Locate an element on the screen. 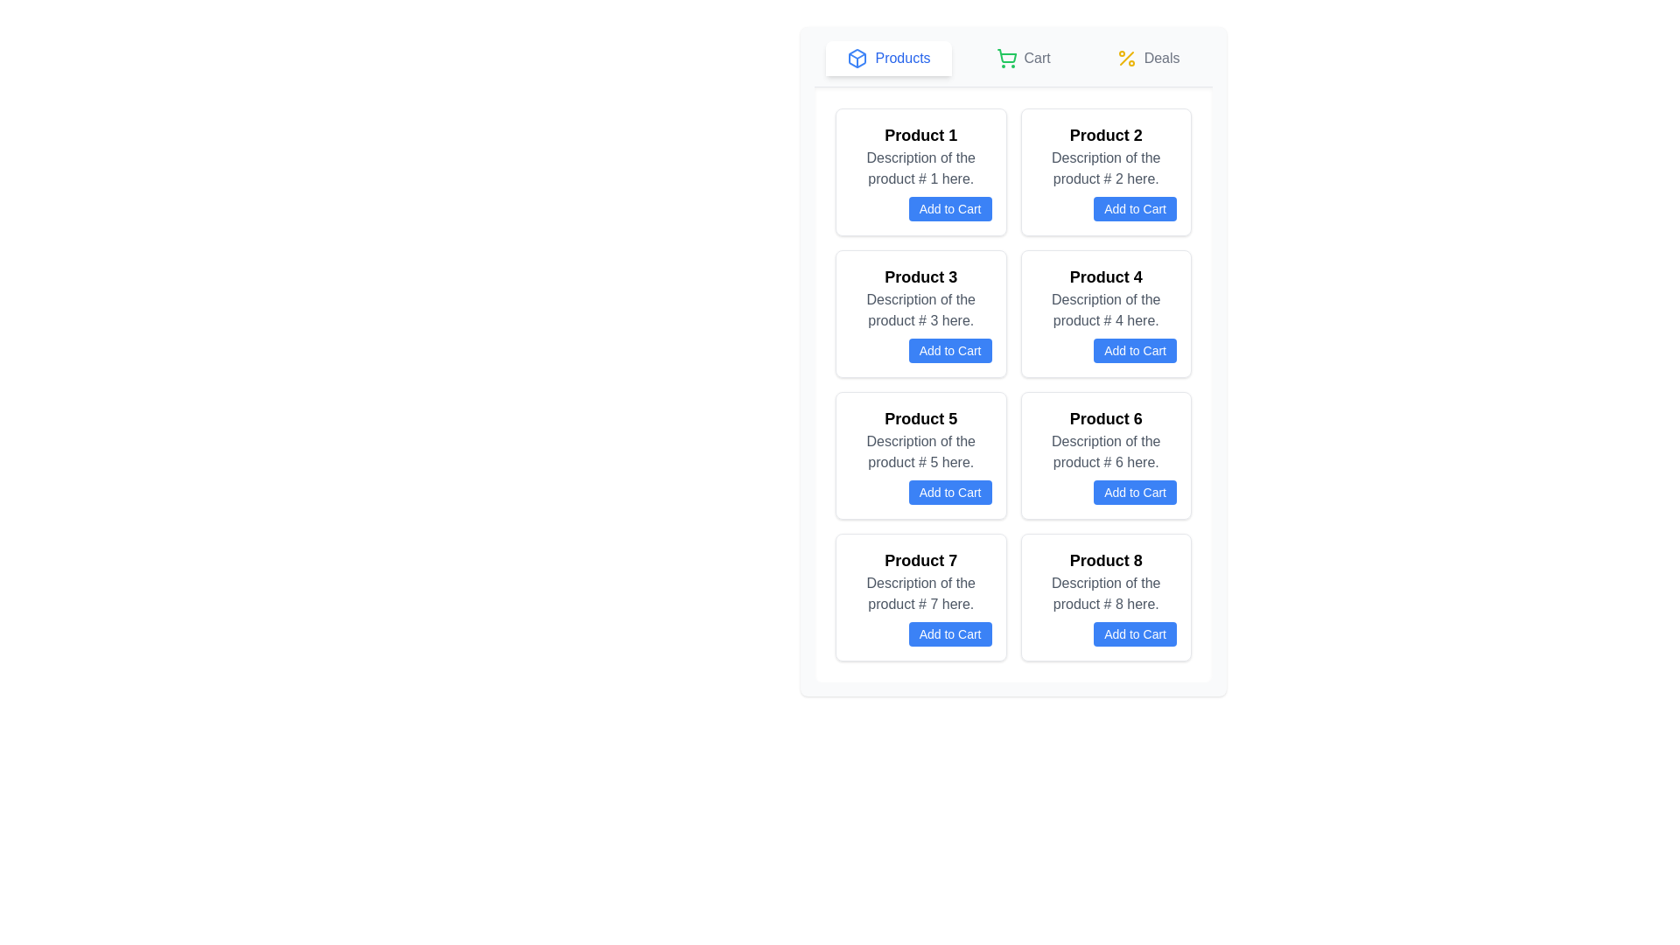 This screenshot has width=1680, height=945. the static text label that provides a brief description of 'Product 7', located centrally within the product card, below the title and above the 'Add to Cart' button is located at coordinates (920, 592).